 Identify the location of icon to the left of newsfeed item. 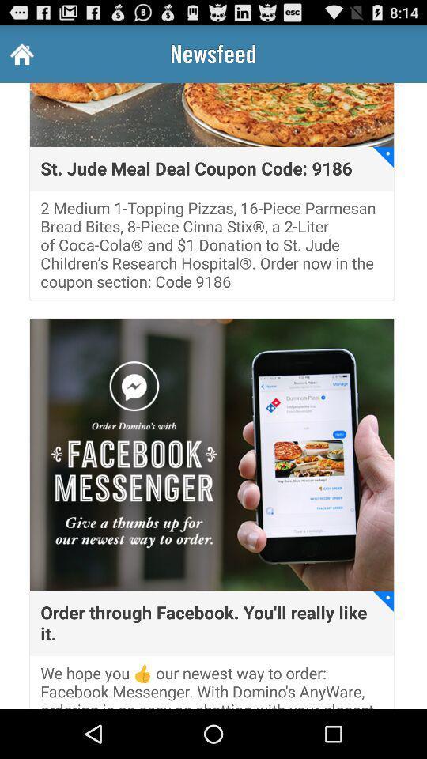
(20, 54).